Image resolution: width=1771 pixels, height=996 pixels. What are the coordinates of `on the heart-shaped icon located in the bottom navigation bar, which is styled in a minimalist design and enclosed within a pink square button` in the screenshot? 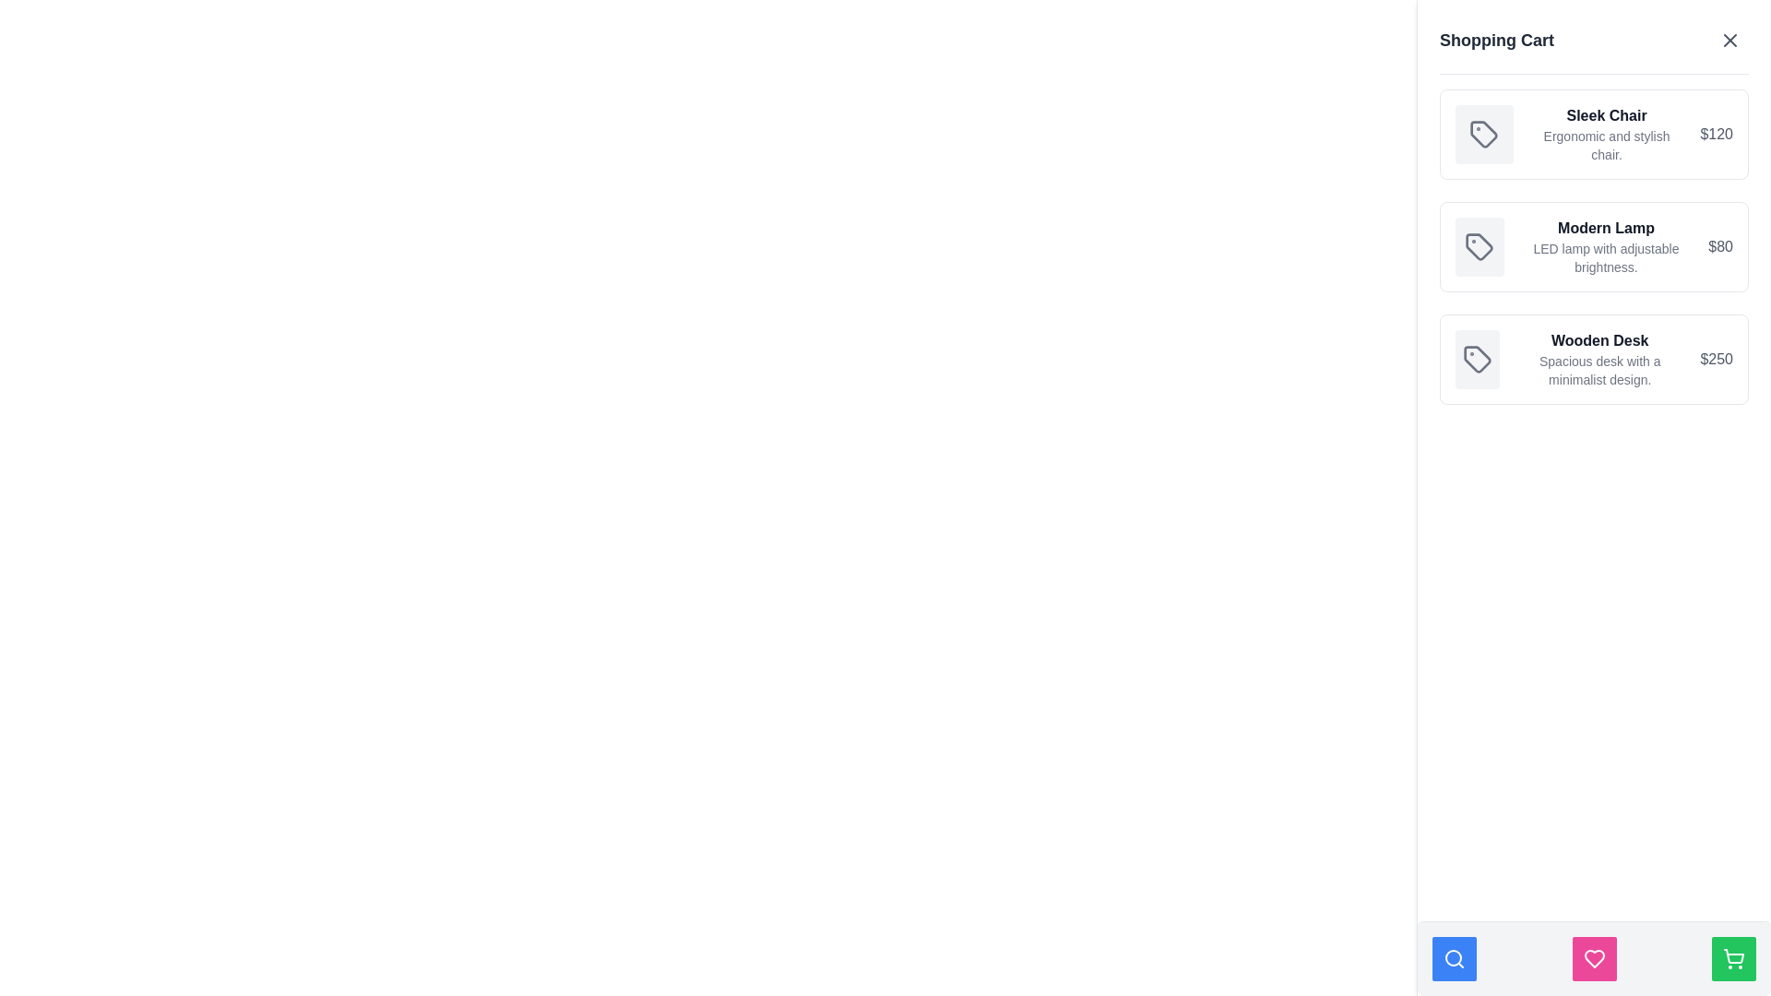 It's located at (1593, 958).